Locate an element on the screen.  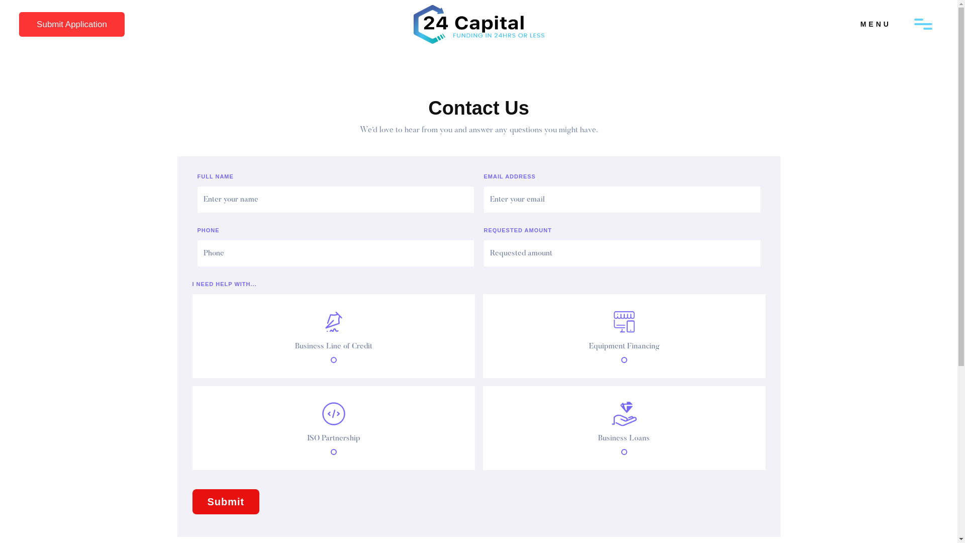
'Submit' is located at coordinates (192, 502).